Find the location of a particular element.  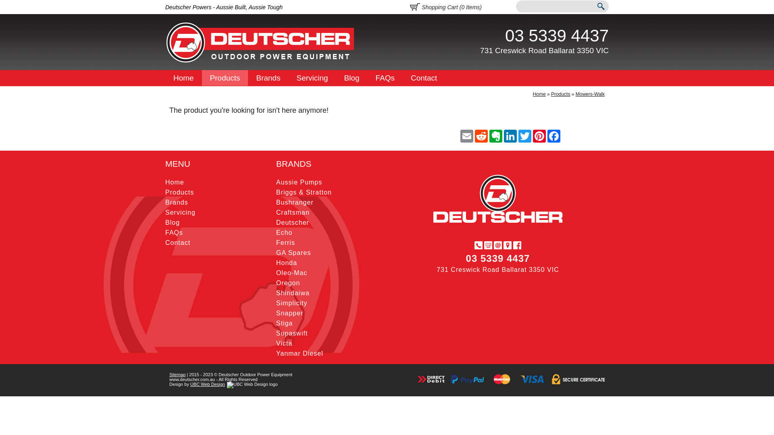

'Supaswift' is located at coordinates (291, 333).